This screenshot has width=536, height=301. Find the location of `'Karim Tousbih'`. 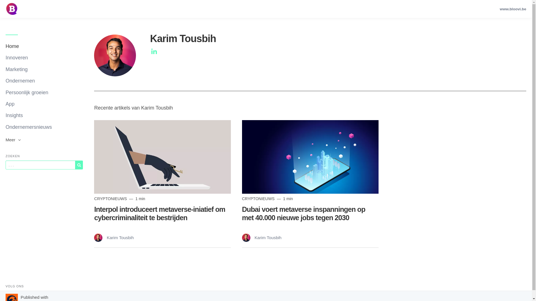

'Karim Tousbih' is located at coordinates (114, 237).